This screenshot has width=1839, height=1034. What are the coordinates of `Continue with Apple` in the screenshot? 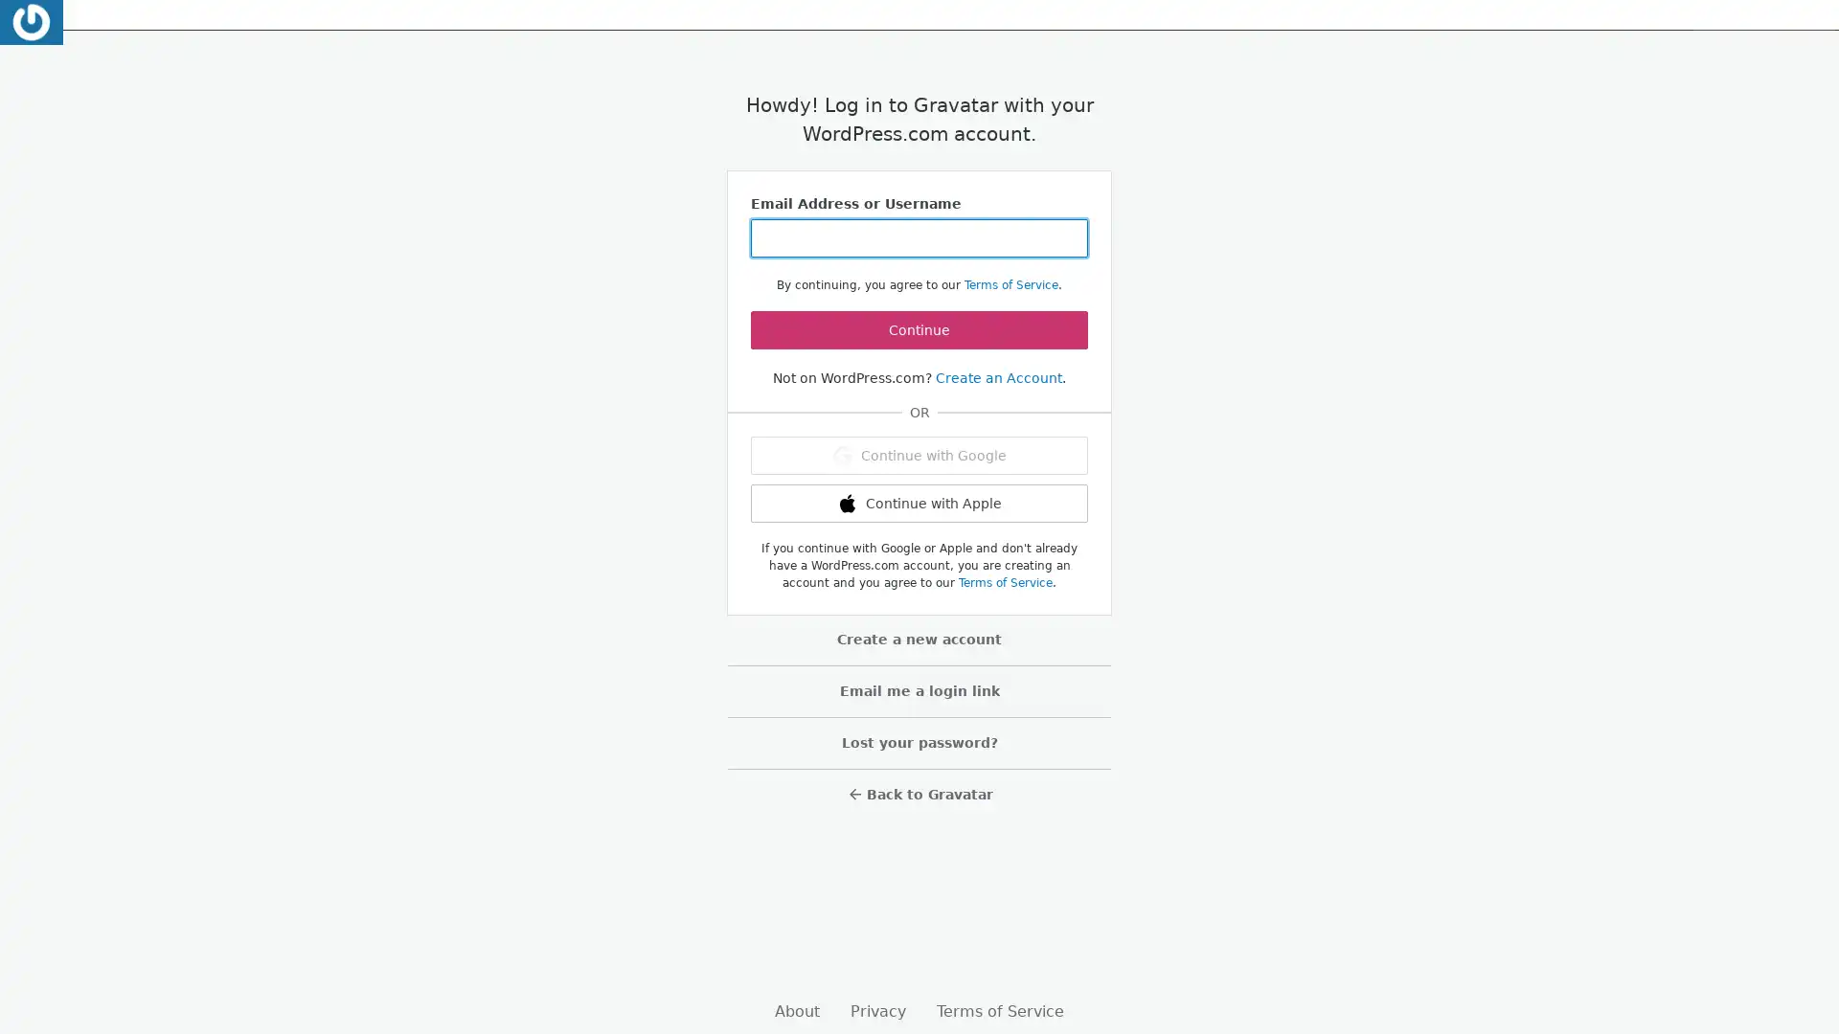 It's located at (919, 502).